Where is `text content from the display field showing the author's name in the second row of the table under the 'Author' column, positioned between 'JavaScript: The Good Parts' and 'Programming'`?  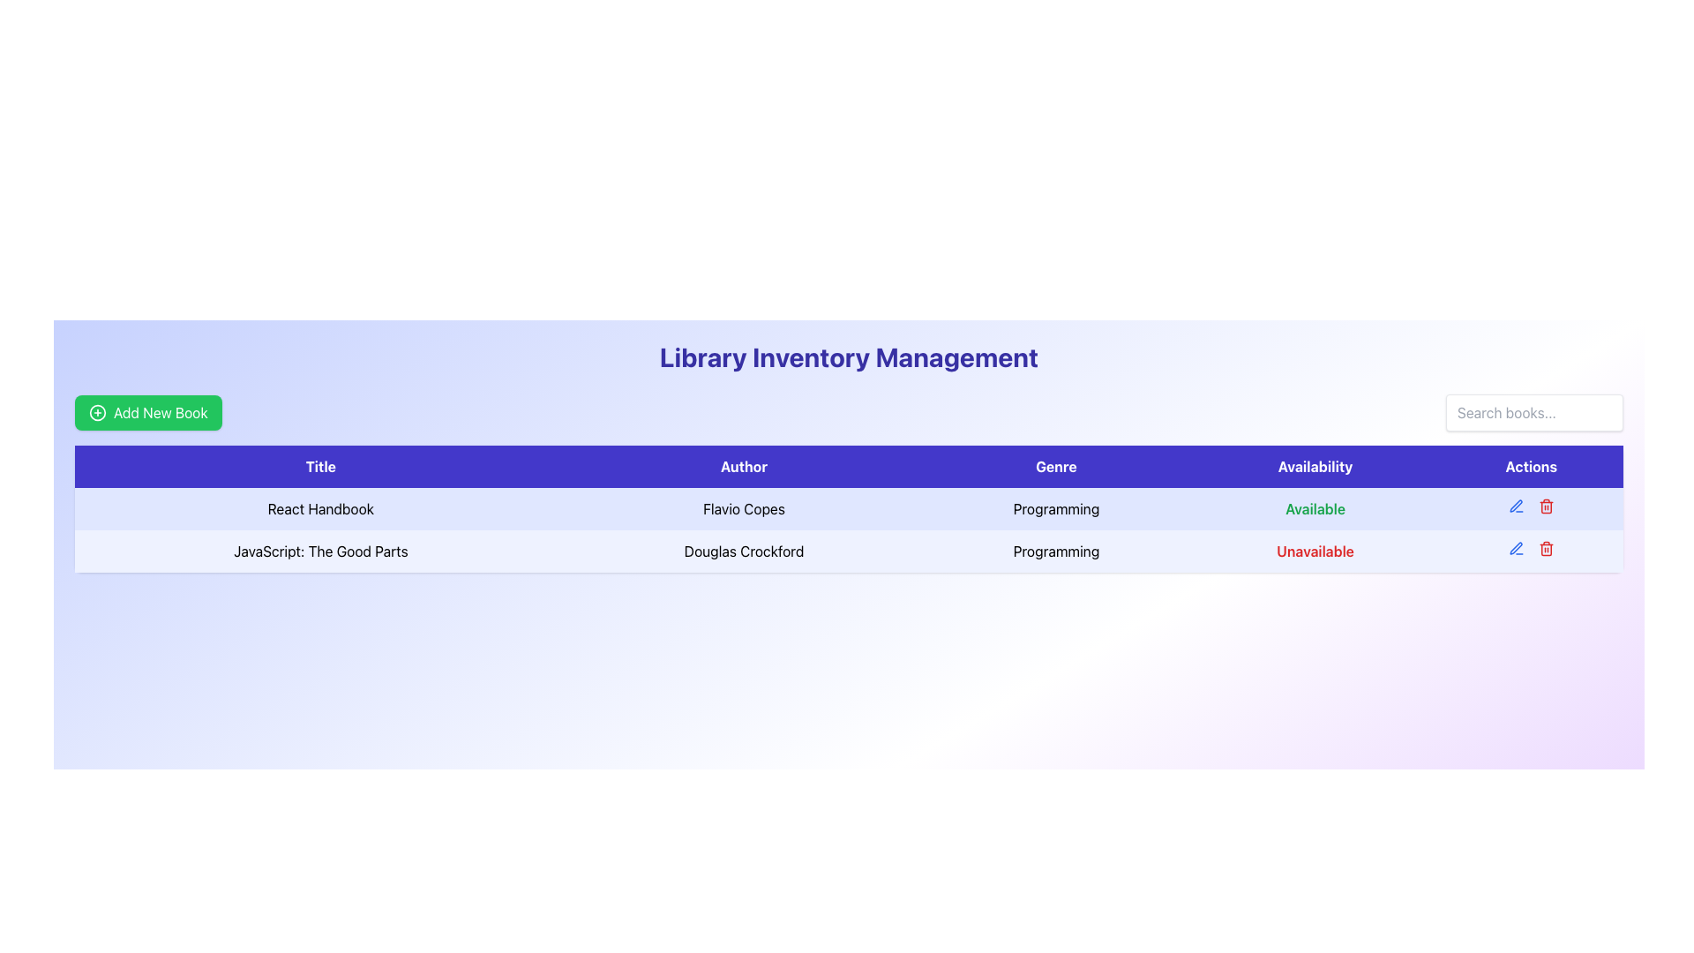 text content from the display field showing the author's name in the second row of the table under the 'Author' column, positioned between 'JavaScript: The Good Parts' and 'Programming' is located at coordinates (744, 550).